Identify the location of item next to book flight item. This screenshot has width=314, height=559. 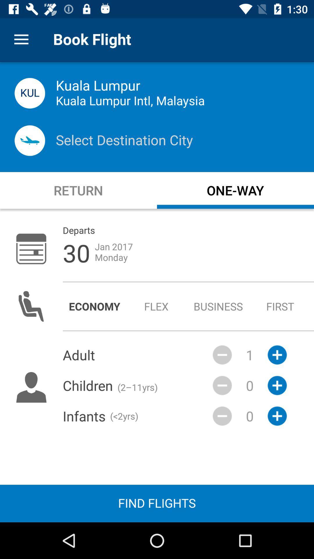
(21, 39).